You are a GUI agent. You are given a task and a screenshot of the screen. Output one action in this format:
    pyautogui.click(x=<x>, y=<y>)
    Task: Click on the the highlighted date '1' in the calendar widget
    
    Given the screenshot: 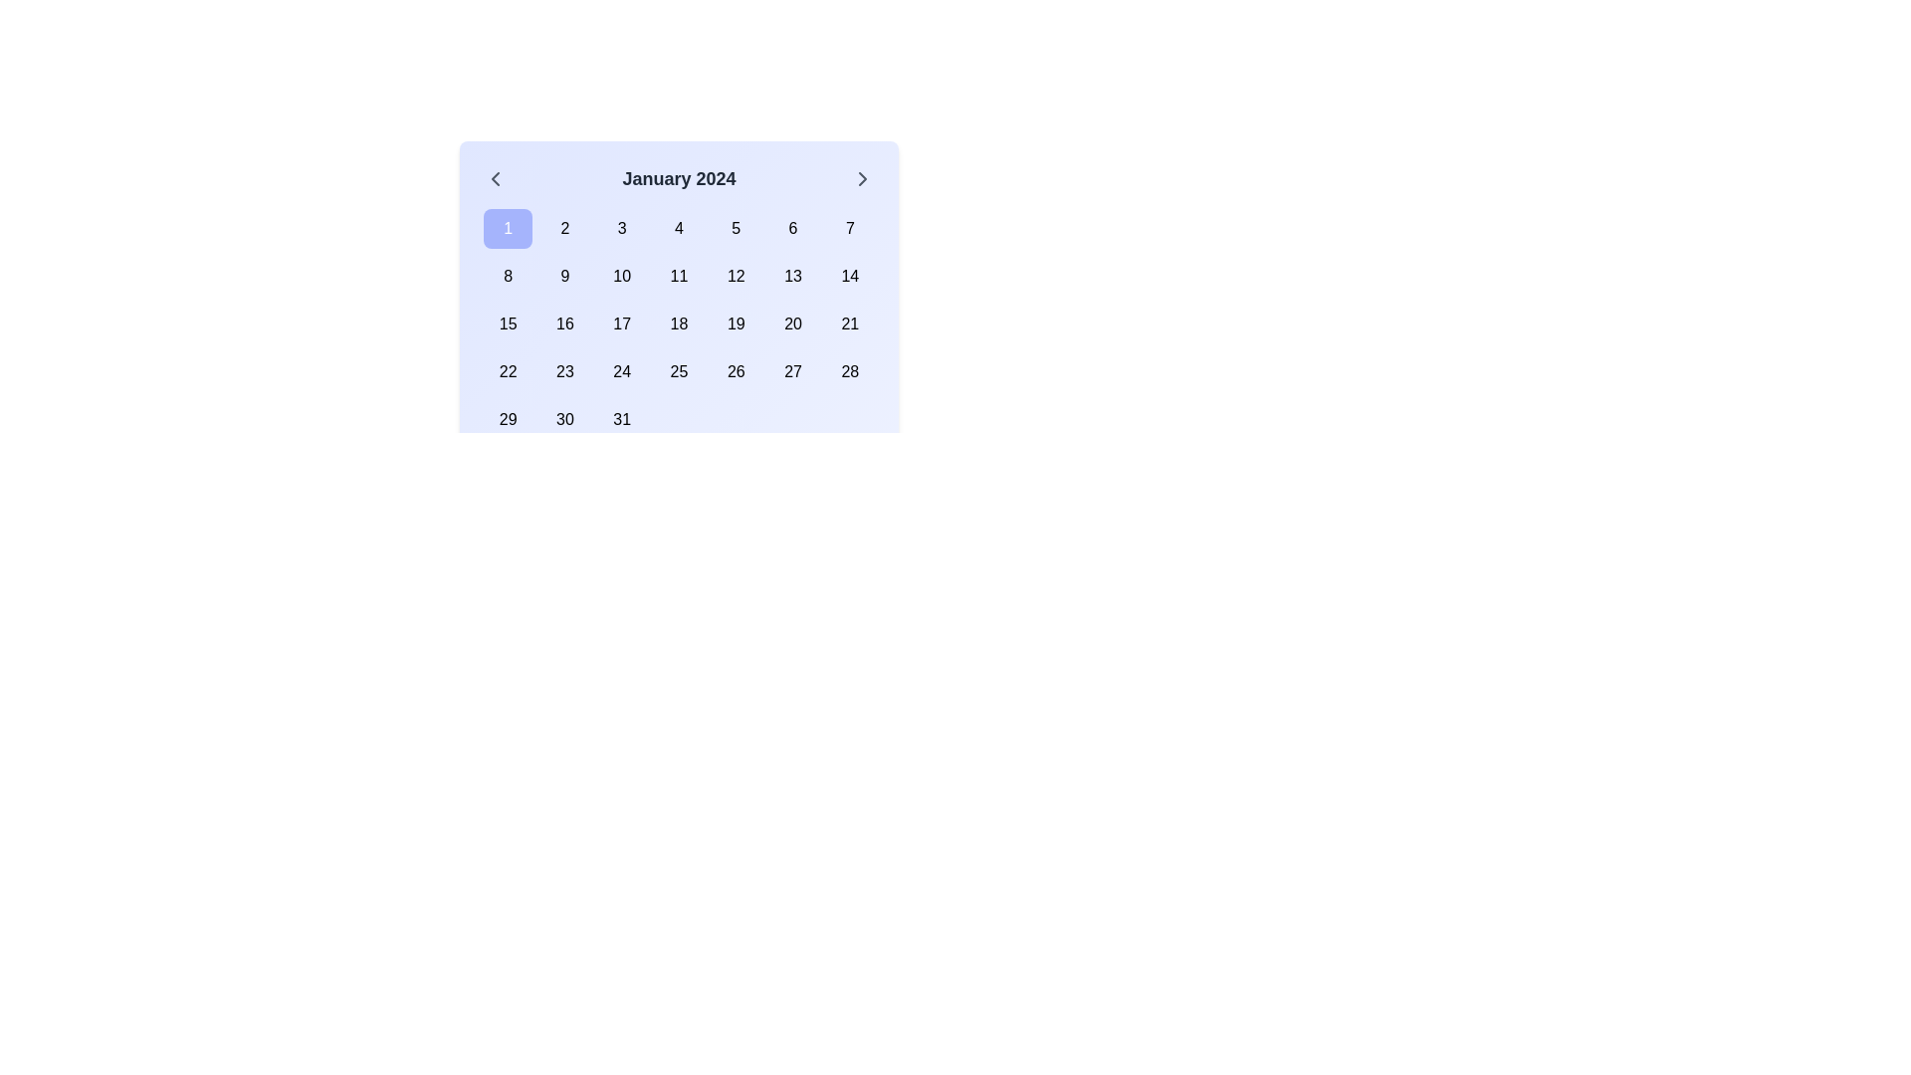 What is the action you would take?
    pyautogui.click(x=679, y=275)
    